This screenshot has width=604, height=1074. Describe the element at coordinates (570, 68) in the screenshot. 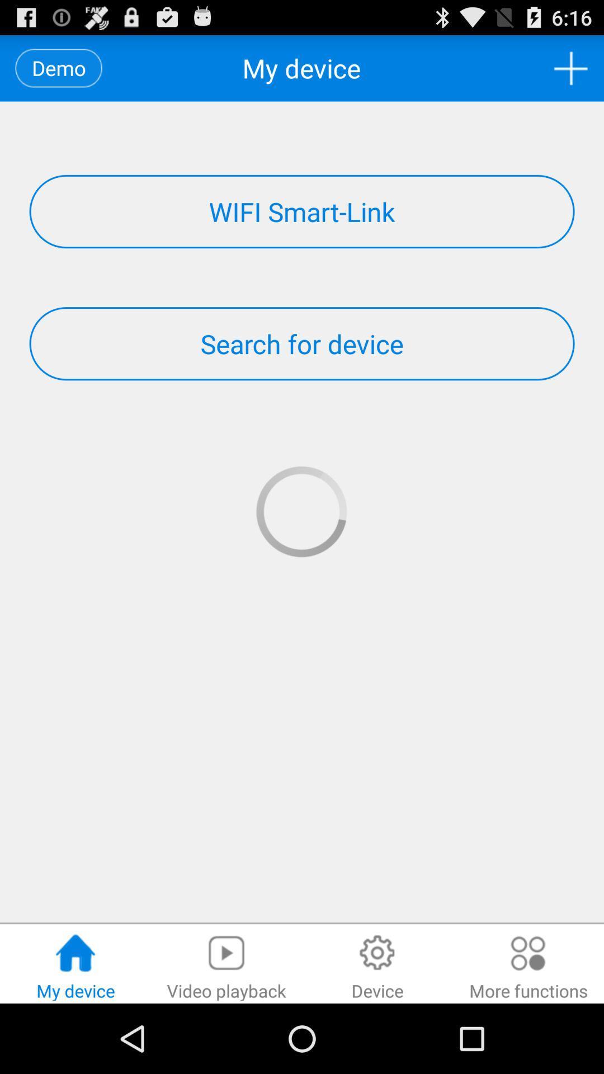

I see `a post` at that location.